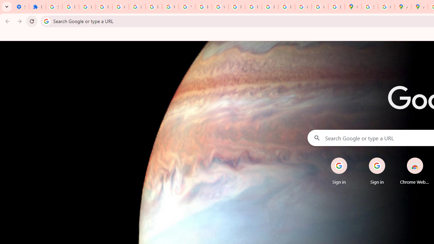 This screenshot has height=244, width=434. What do you see at coordinates (120, 7) in the screenshot?
I see `'Google Account Help'` at bounding box center [120, 7].